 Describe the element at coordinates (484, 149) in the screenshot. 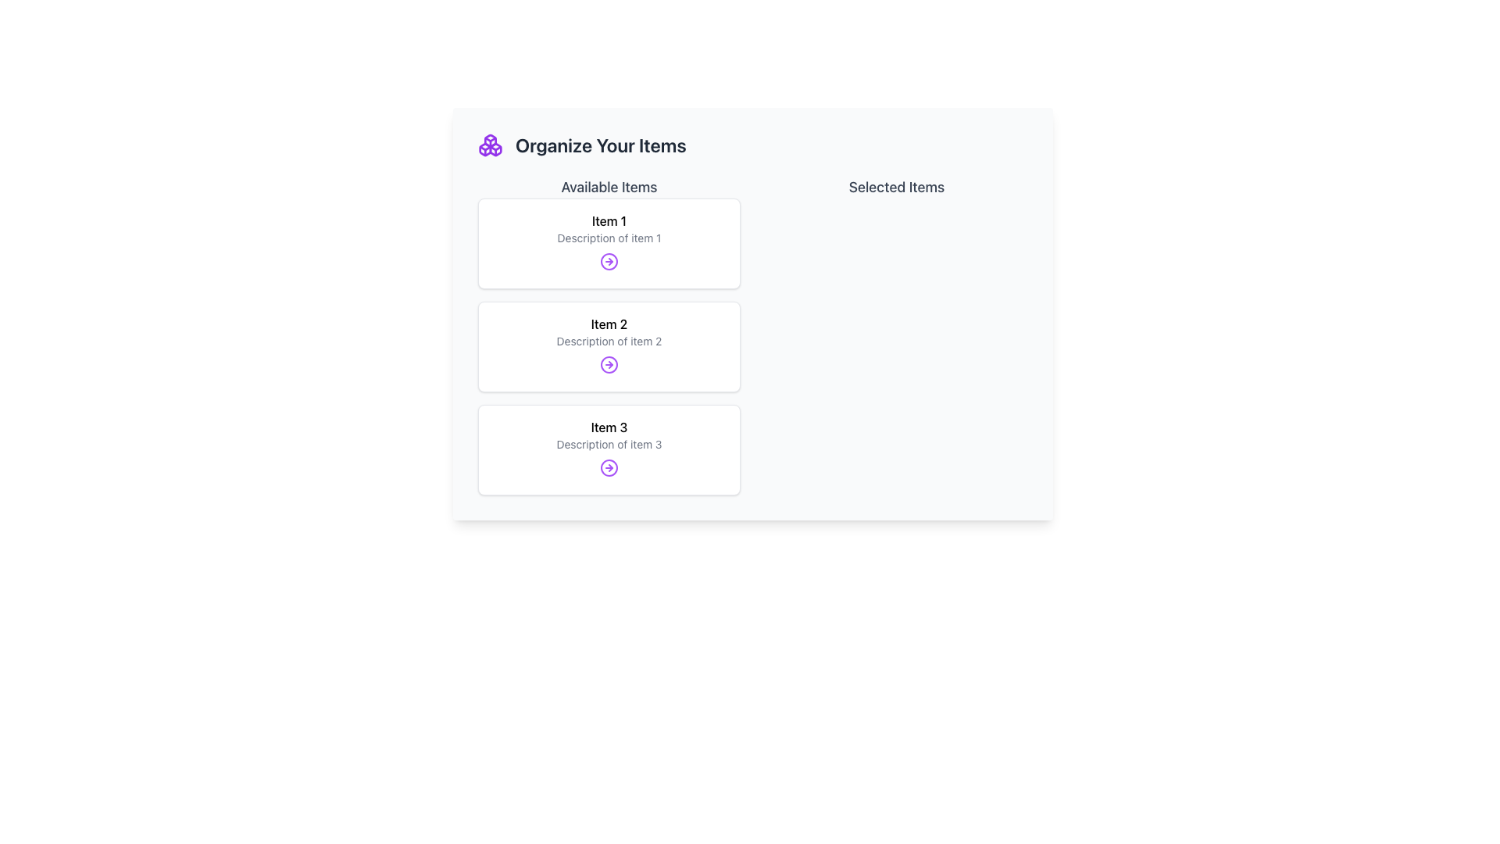

I see `the purple-colored, box-like figure with an angular contour located in the lower-left quadrant of the highlighted SVG icon at the top-left of the interface` at that location.